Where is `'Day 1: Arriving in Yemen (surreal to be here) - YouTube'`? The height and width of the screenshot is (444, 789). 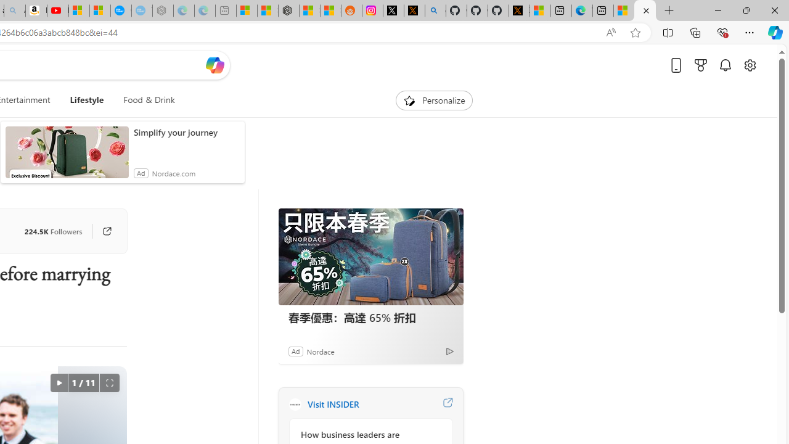 'Day 1: Arriving in Yemen (surreal to be here) - YouTube' is located at coordinates (57, 10).